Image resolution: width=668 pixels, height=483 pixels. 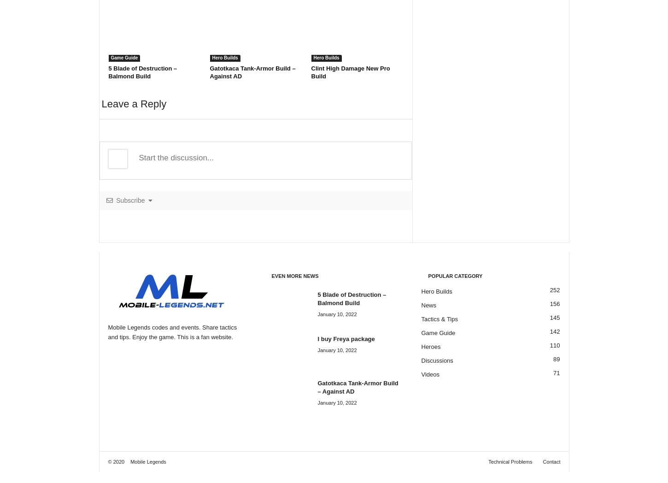 I want to click on '156', so click(x=554, y=304).